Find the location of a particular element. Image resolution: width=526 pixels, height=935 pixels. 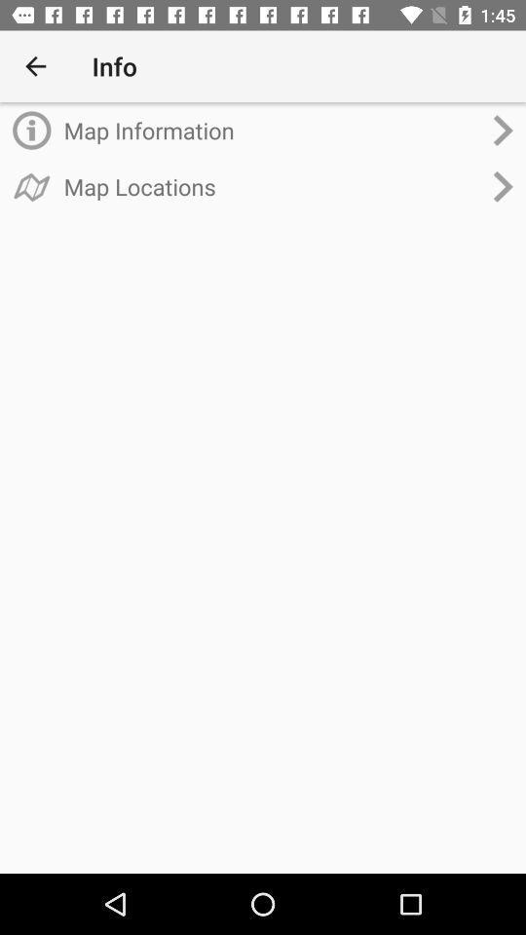

the item to the left of info is located at coordinates (35, 66).